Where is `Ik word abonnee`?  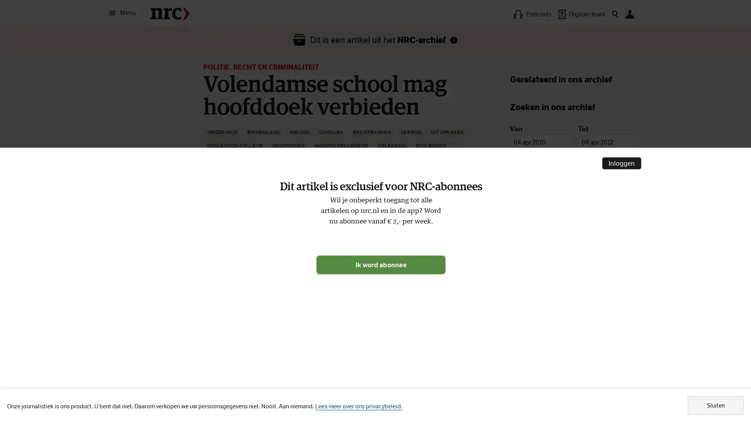 Ik word abonnee is located at coordinates (381, 264).